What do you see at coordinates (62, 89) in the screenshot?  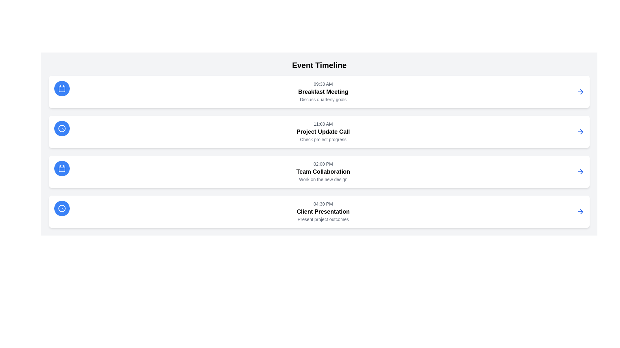 I see `the blue rounded rectangular component inside the blue circular calendar icon located in the first event row of the list` at bounding box center [62, 89].